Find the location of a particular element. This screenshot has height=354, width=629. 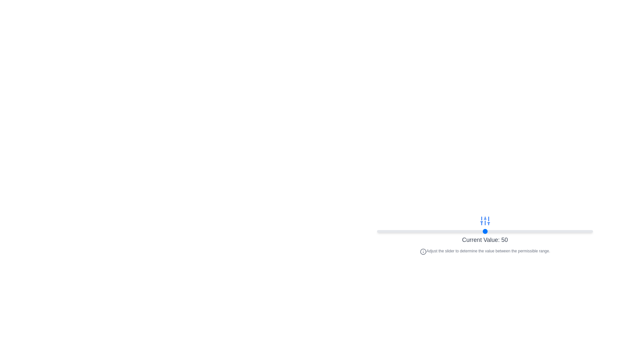

the informational text that reads 'Adjust the slider to determine the value between the permissible range.' which is located below the slider component and the label 'Current Value: 50.' is located at coordinates (485, 251).